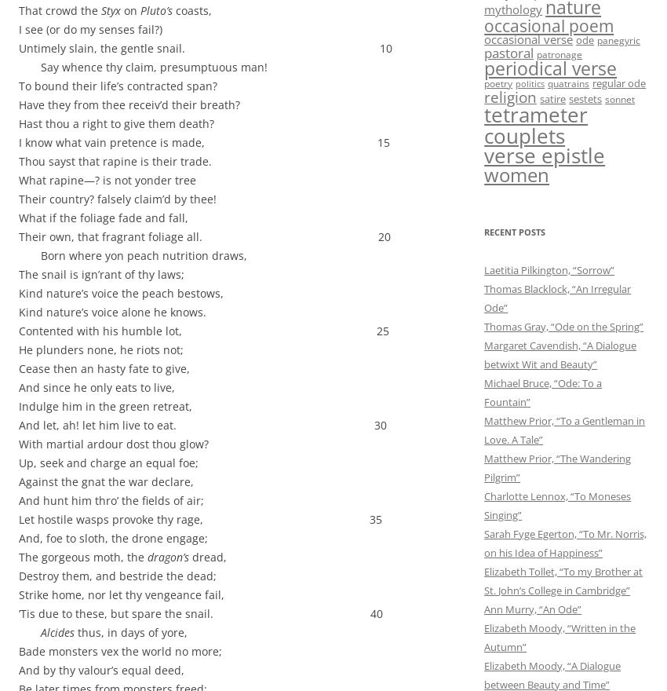  I want to click on 'Kind nature’s voice the peach bestows,', so click(121, 292).